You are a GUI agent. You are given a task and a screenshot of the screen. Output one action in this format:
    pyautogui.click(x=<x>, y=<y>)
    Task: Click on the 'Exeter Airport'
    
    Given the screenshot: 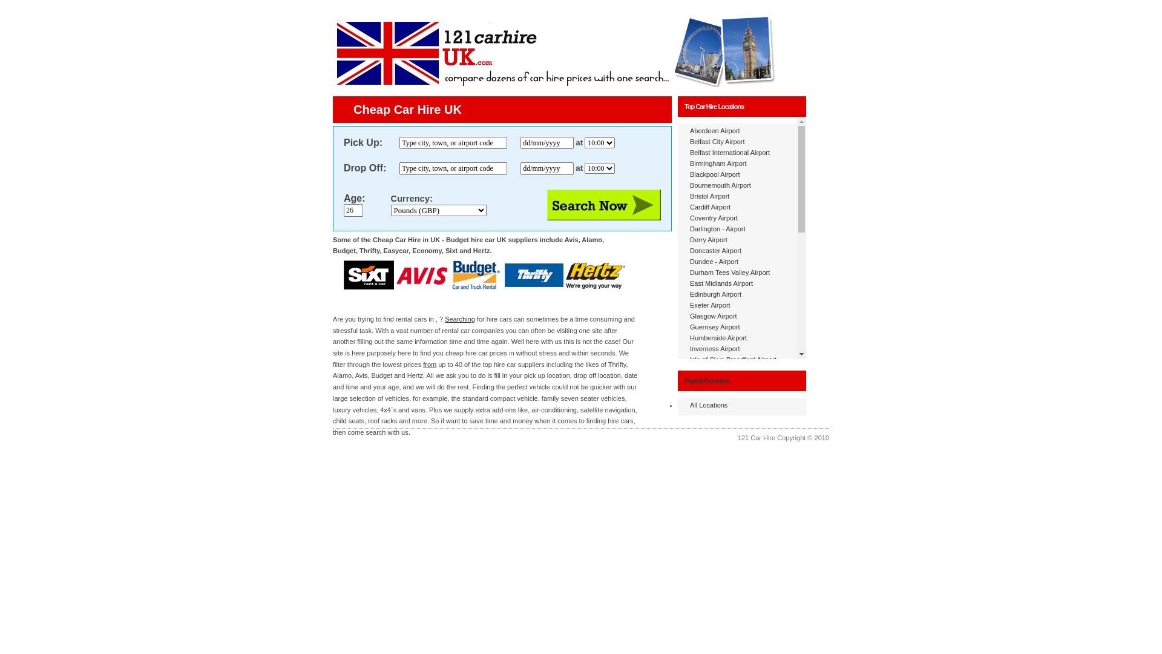 What is the action you would take?
    pyautogui.click(x=710, y=305)
    